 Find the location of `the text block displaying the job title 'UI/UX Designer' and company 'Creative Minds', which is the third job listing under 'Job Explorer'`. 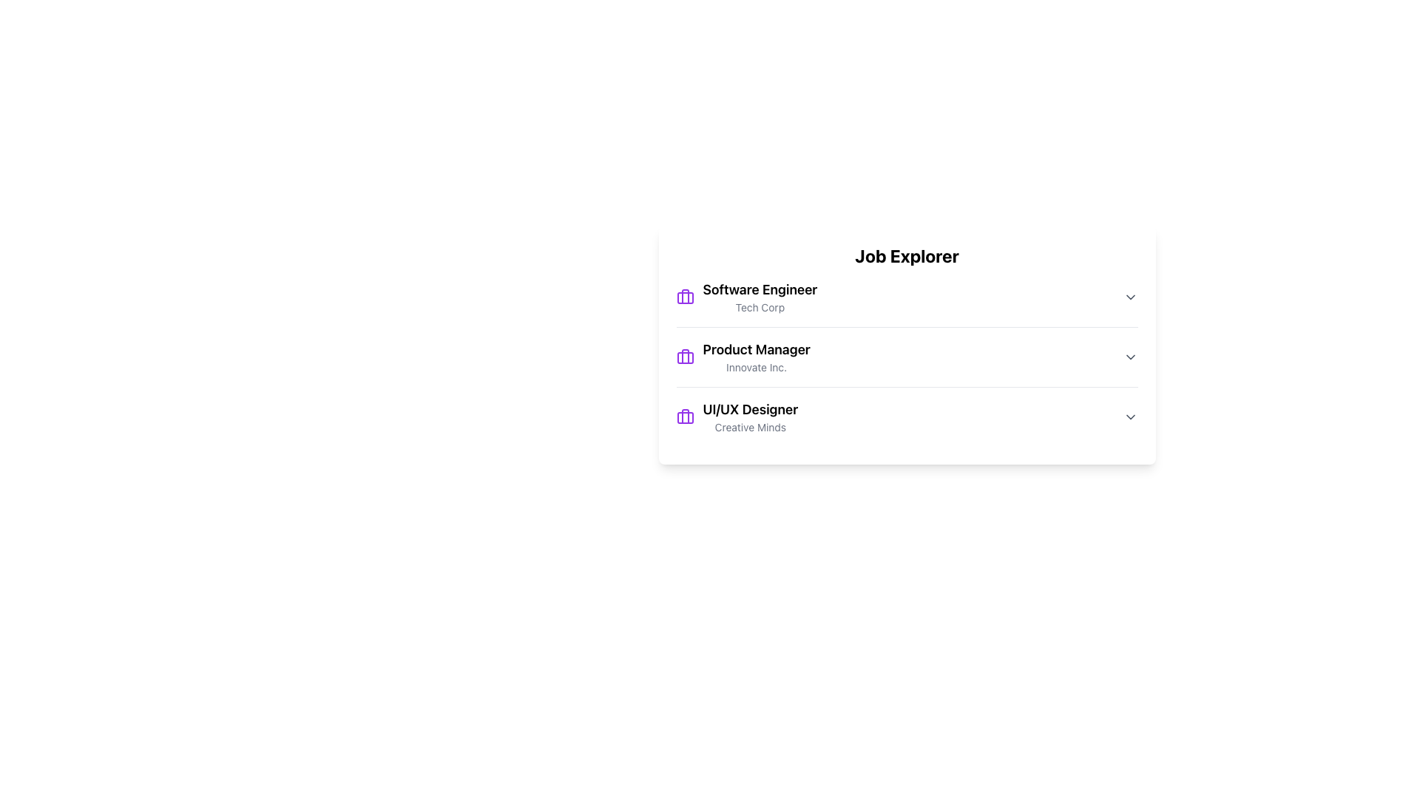

the text block displaying the job title 'UI/UX Designer' and company 'Creative Minds', which is the third job listing under 'Job Explorer' is located at coordinates (750, 417).